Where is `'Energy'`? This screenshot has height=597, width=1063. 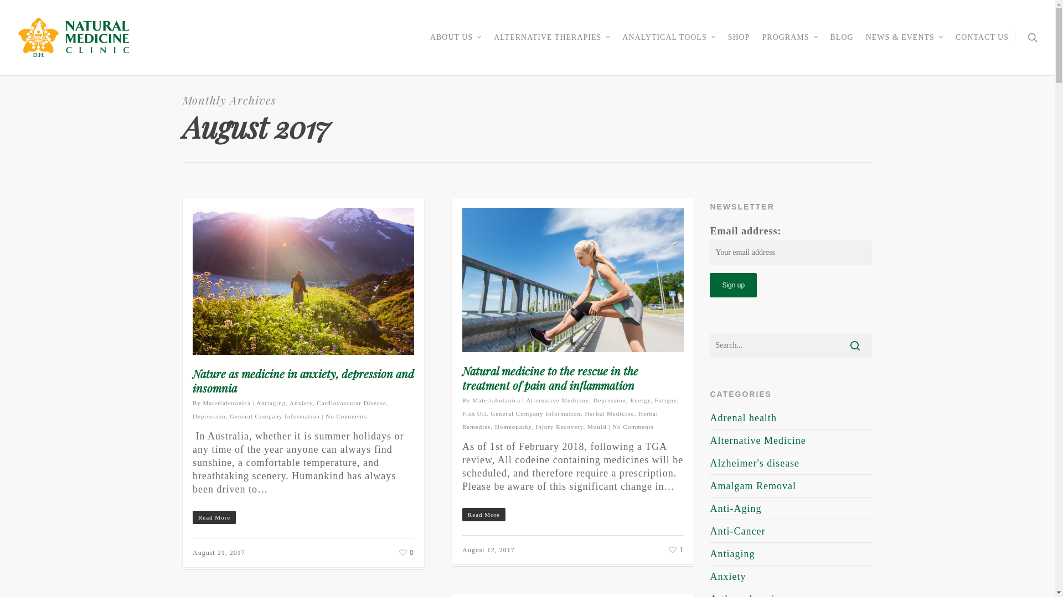 'Energy' is located at coordinates (629, 400).